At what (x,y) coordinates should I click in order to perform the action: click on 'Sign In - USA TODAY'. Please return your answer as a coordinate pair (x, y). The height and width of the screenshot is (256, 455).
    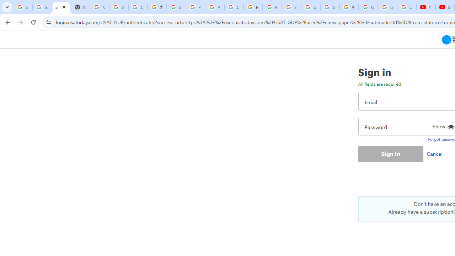
    Looking at the image, I should click on (61, 7).